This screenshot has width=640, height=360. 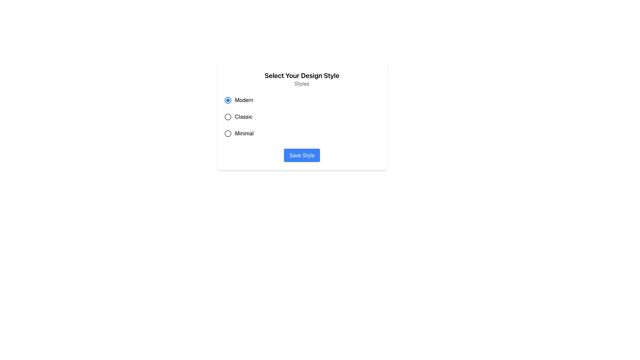 I want to click on the innermost circular layer of the first radio button in the 'Select Your Design Style' group, so click(x=228, y=100).